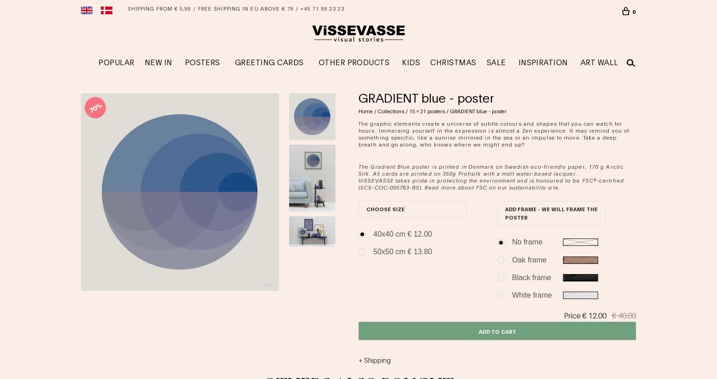  I want to click on 'The graphic elements create a universe of subtle colours and shapes that you can watch for hours. Immersing yourself in the expression is almost a Zen experience. It may remind you of something specific, like a sunrise mirrored in the sea or an impulse to move. Take a deep breath and go along, who knows where we might end up?', so click(494, 134).